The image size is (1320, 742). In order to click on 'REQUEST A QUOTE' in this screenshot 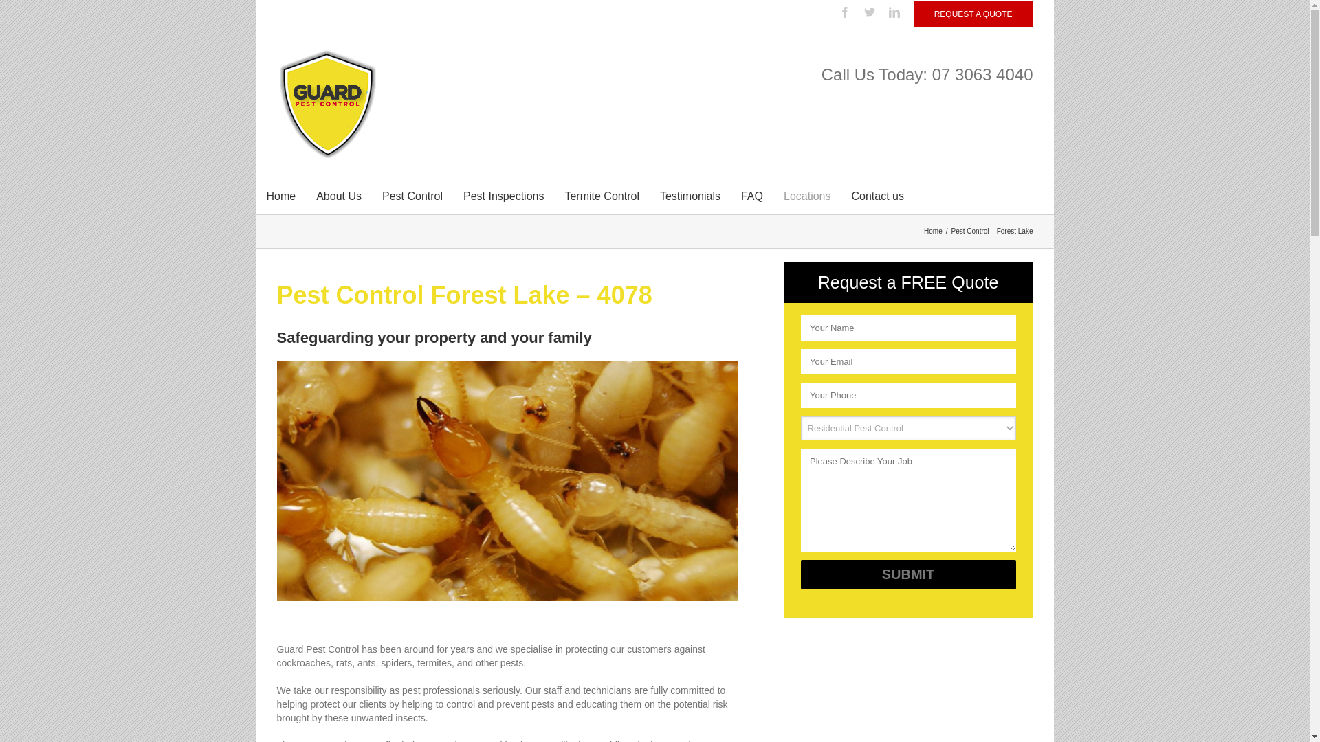, I will do `click(973, 14)`.